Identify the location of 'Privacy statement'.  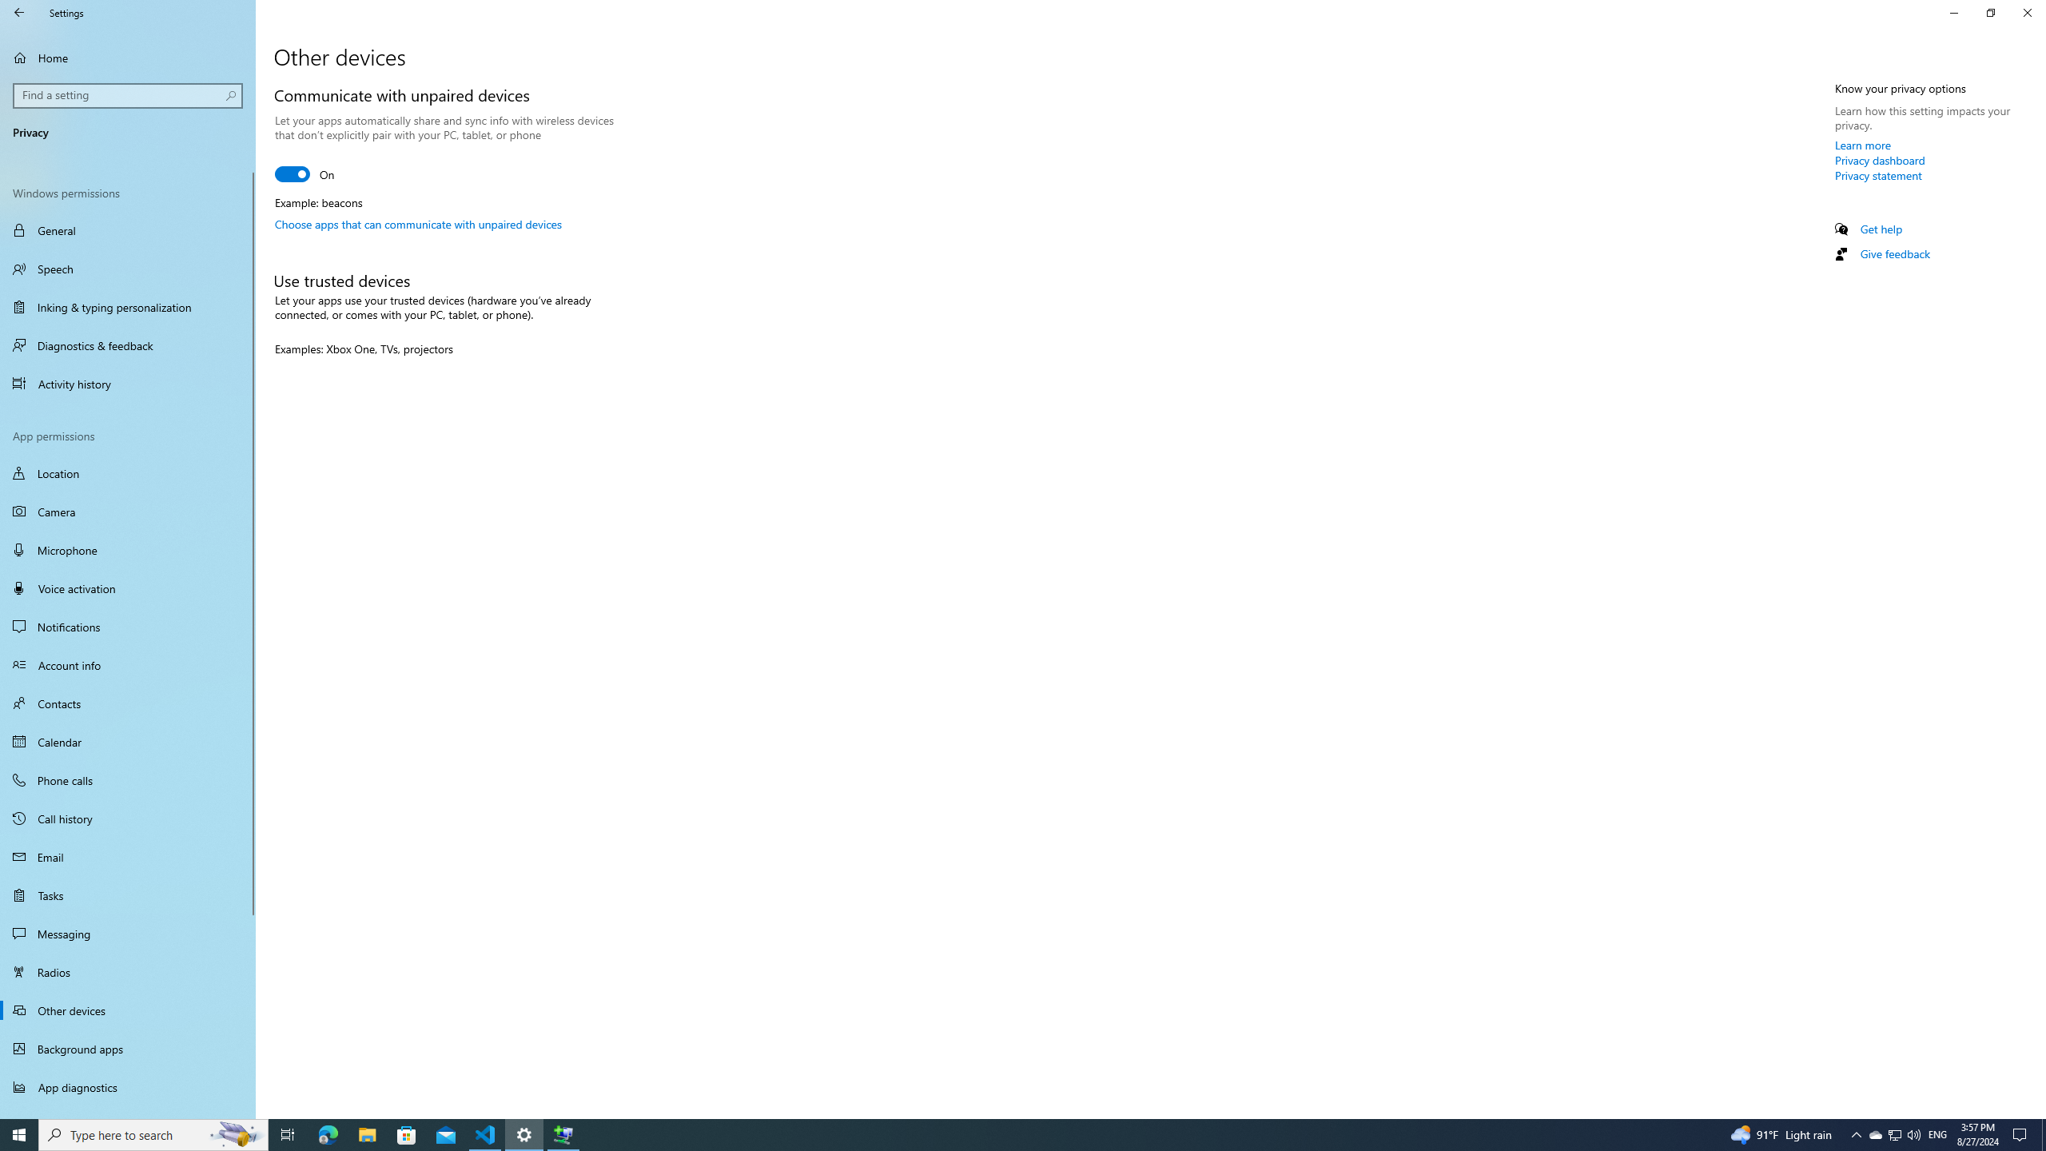
(1877, 174).